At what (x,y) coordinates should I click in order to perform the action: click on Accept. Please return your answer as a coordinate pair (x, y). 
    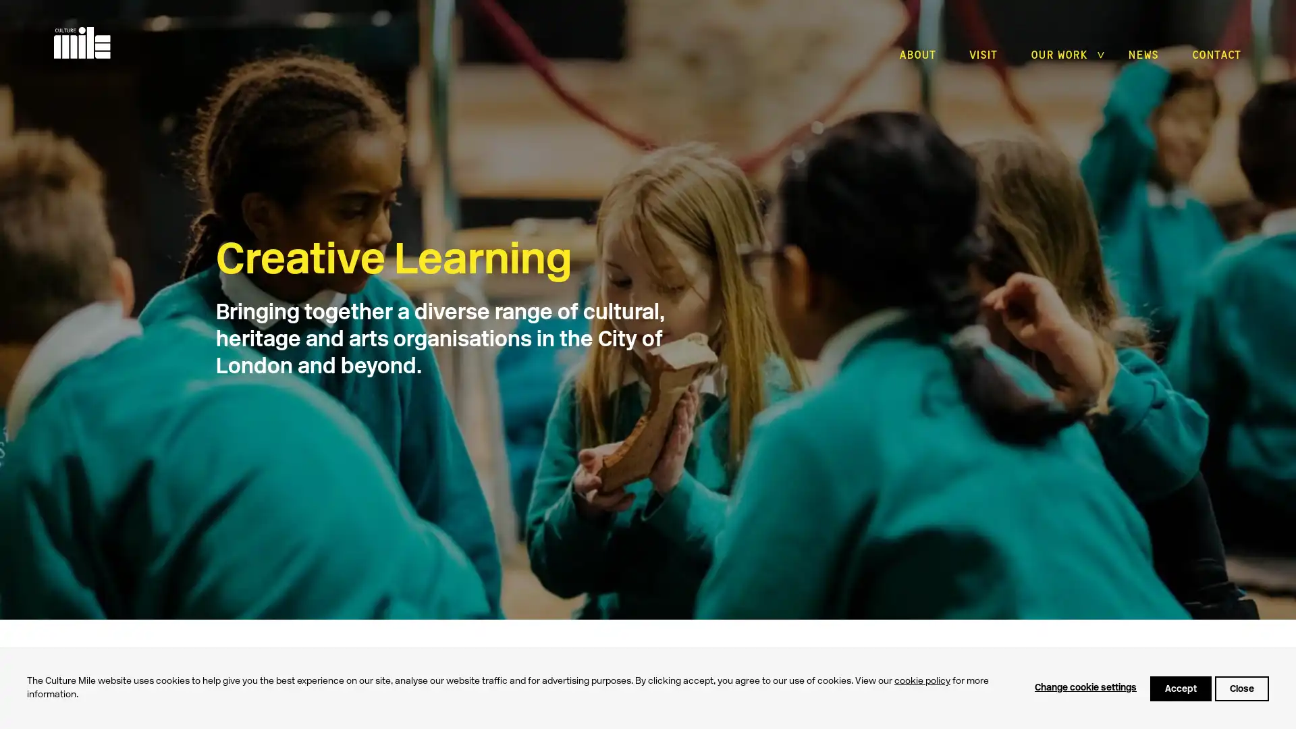
    Looking at the image, I should click on (1180, 688).